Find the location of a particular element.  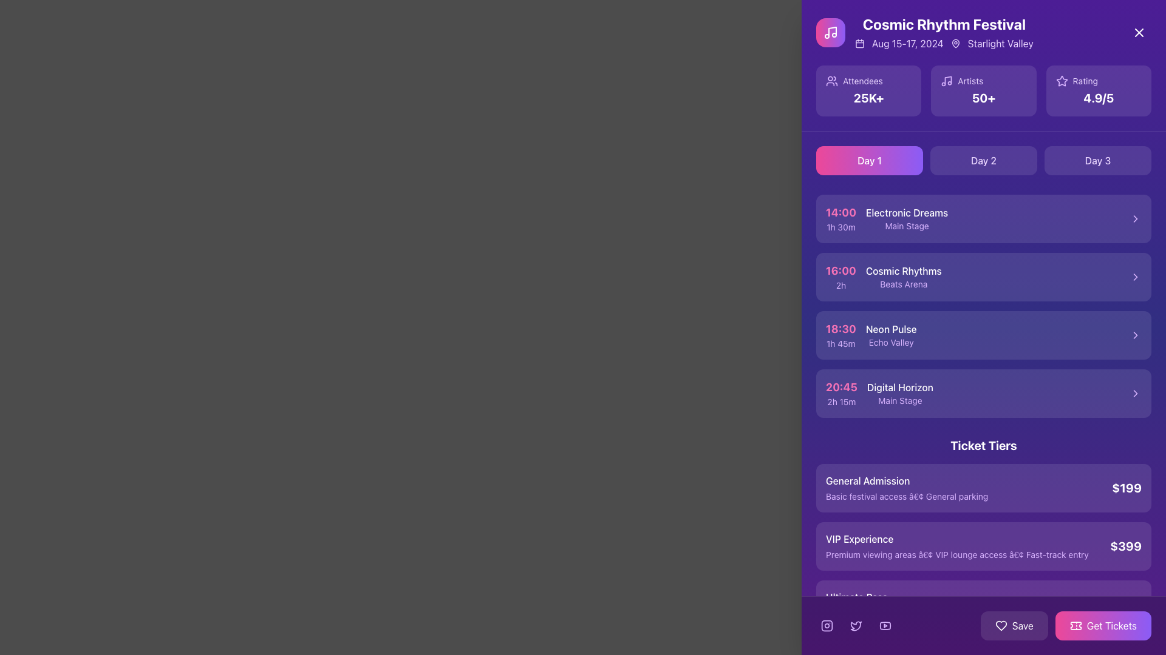

the square-shaped button with a gradient from pink to violet, featuring a white music note icon, located at the top-left corner of the right panel, immediately to the left of the text 'Cosmic Rhythm Festival' is located at coordinates (830, 32).